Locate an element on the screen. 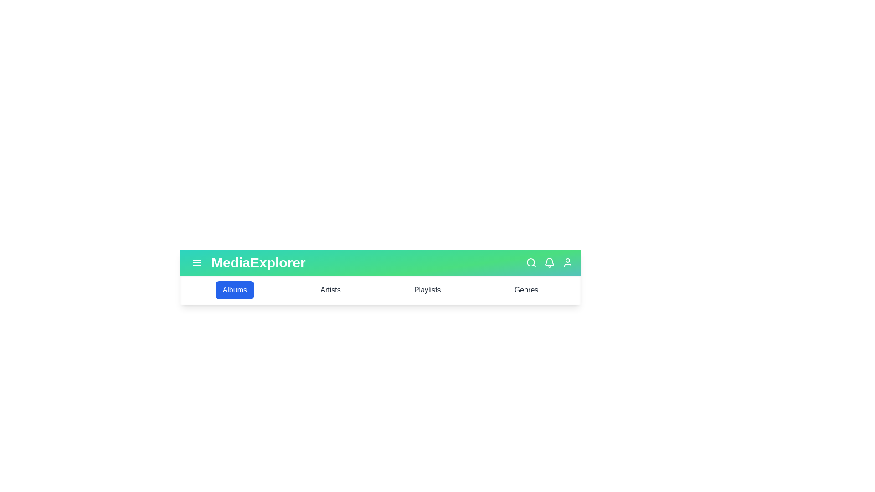 The width and height of the screenshot is (875, 492). the Albums tab in the MultimediaAppBar is located at coordinates (234, 290).